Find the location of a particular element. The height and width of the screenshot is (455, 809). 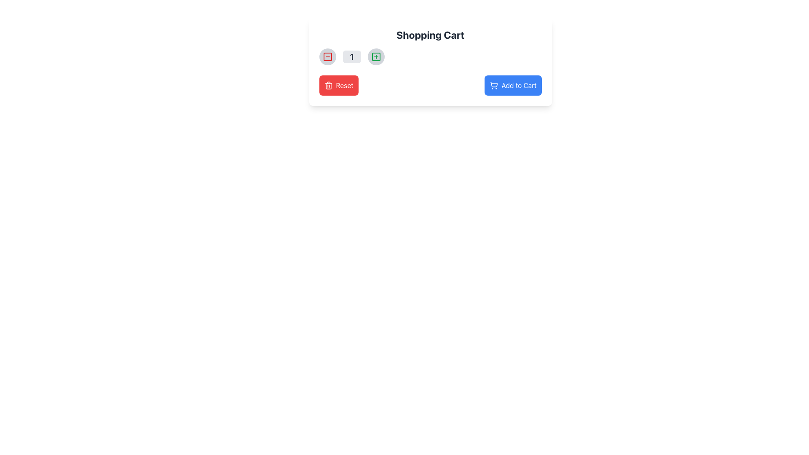

the increment button, which is circular with a gray background, located to the right of a number input field and a decrement button, and to the left of a red 'Reset' button and a blue 'Add to Cart' button is located at coordinates (375, 57).